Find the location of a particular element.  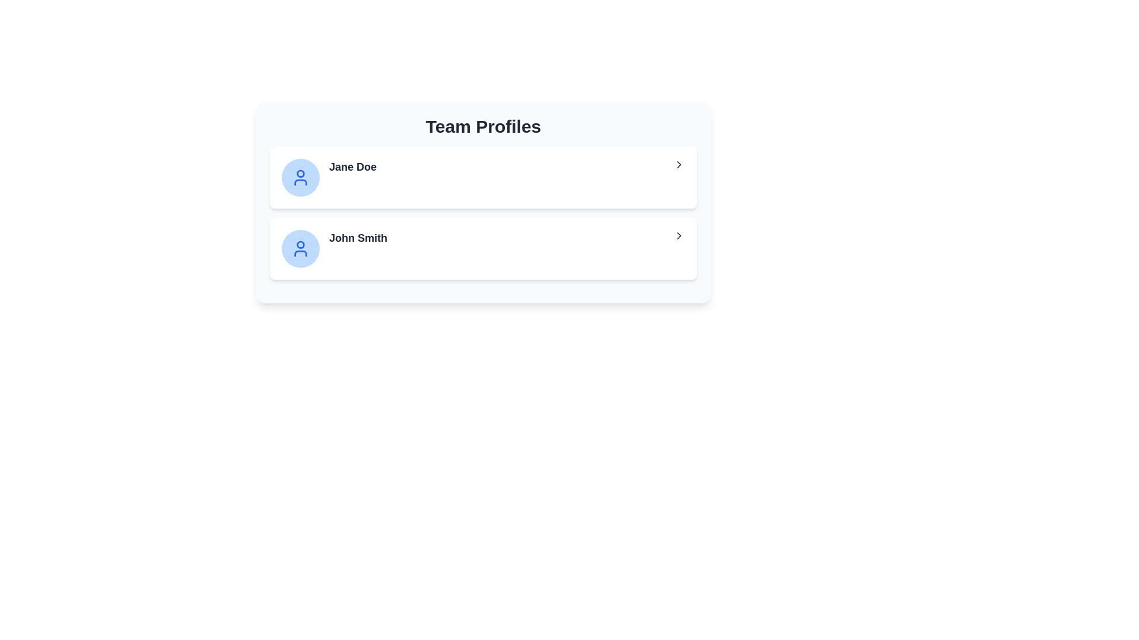

the user avatar icon located on the left side of the first entry in the vertically stacked list, which represents the profile of 'Jane Doe' is located at coordinates (301, 178).